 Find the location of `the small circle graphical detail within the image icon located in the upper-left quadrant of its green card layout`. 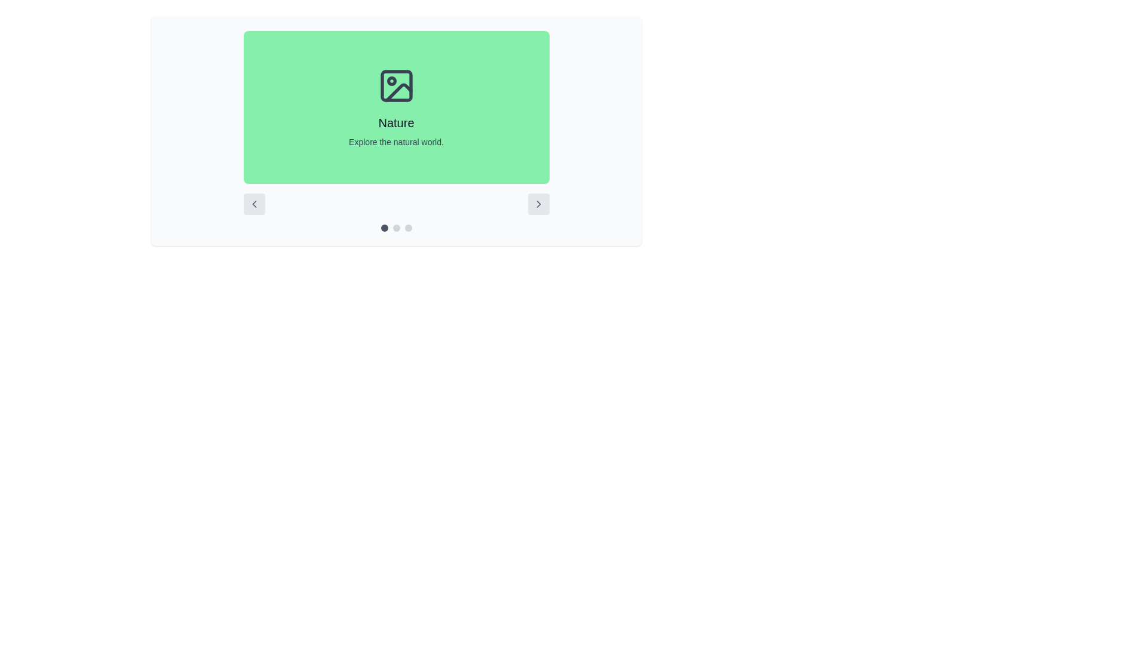

the small circle graphical detail within the image icon located in the upper-left quadrant of its green card layout is located at coordinates (391, 81).